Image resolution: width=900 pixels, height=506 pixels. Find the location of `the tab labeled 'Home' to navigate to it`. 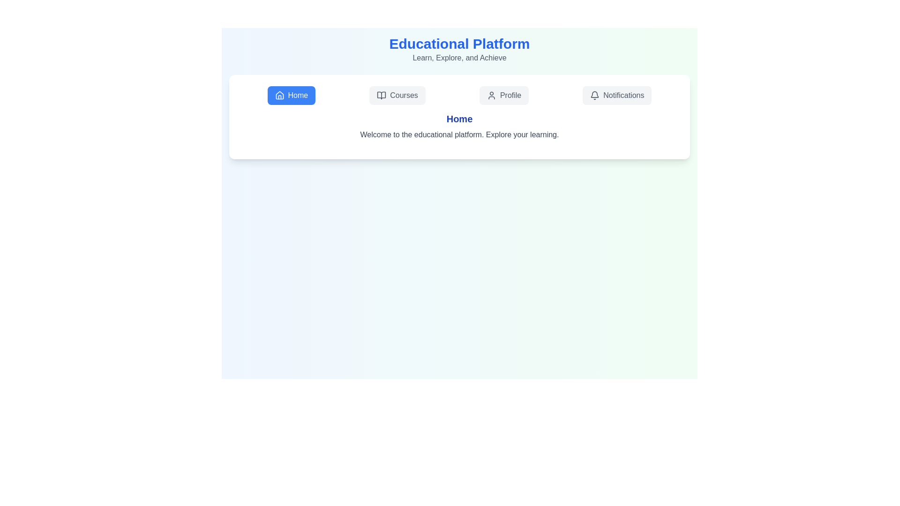

the tab labeled 'Home' to navigate to it is located at coordinates (291, 96).